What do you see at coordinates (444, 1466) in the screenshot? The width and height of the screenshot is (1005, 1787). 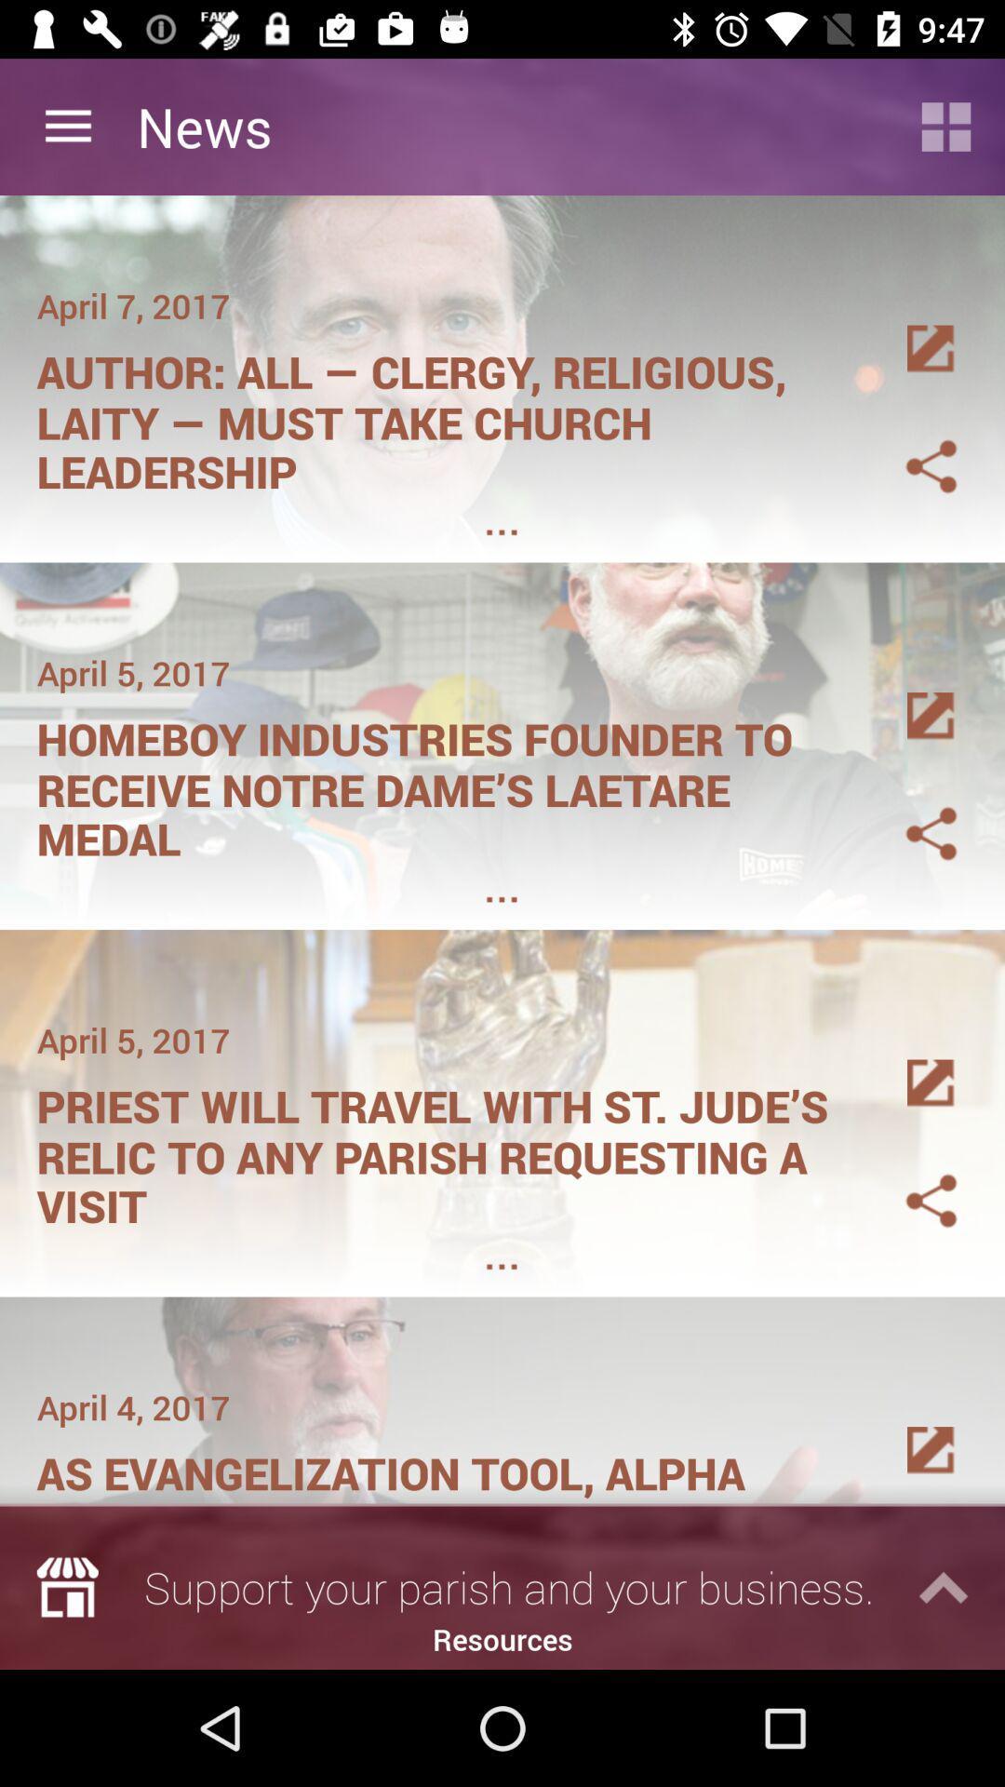 I see `the as evangelization tool item` at bounding box center [444, 1466].